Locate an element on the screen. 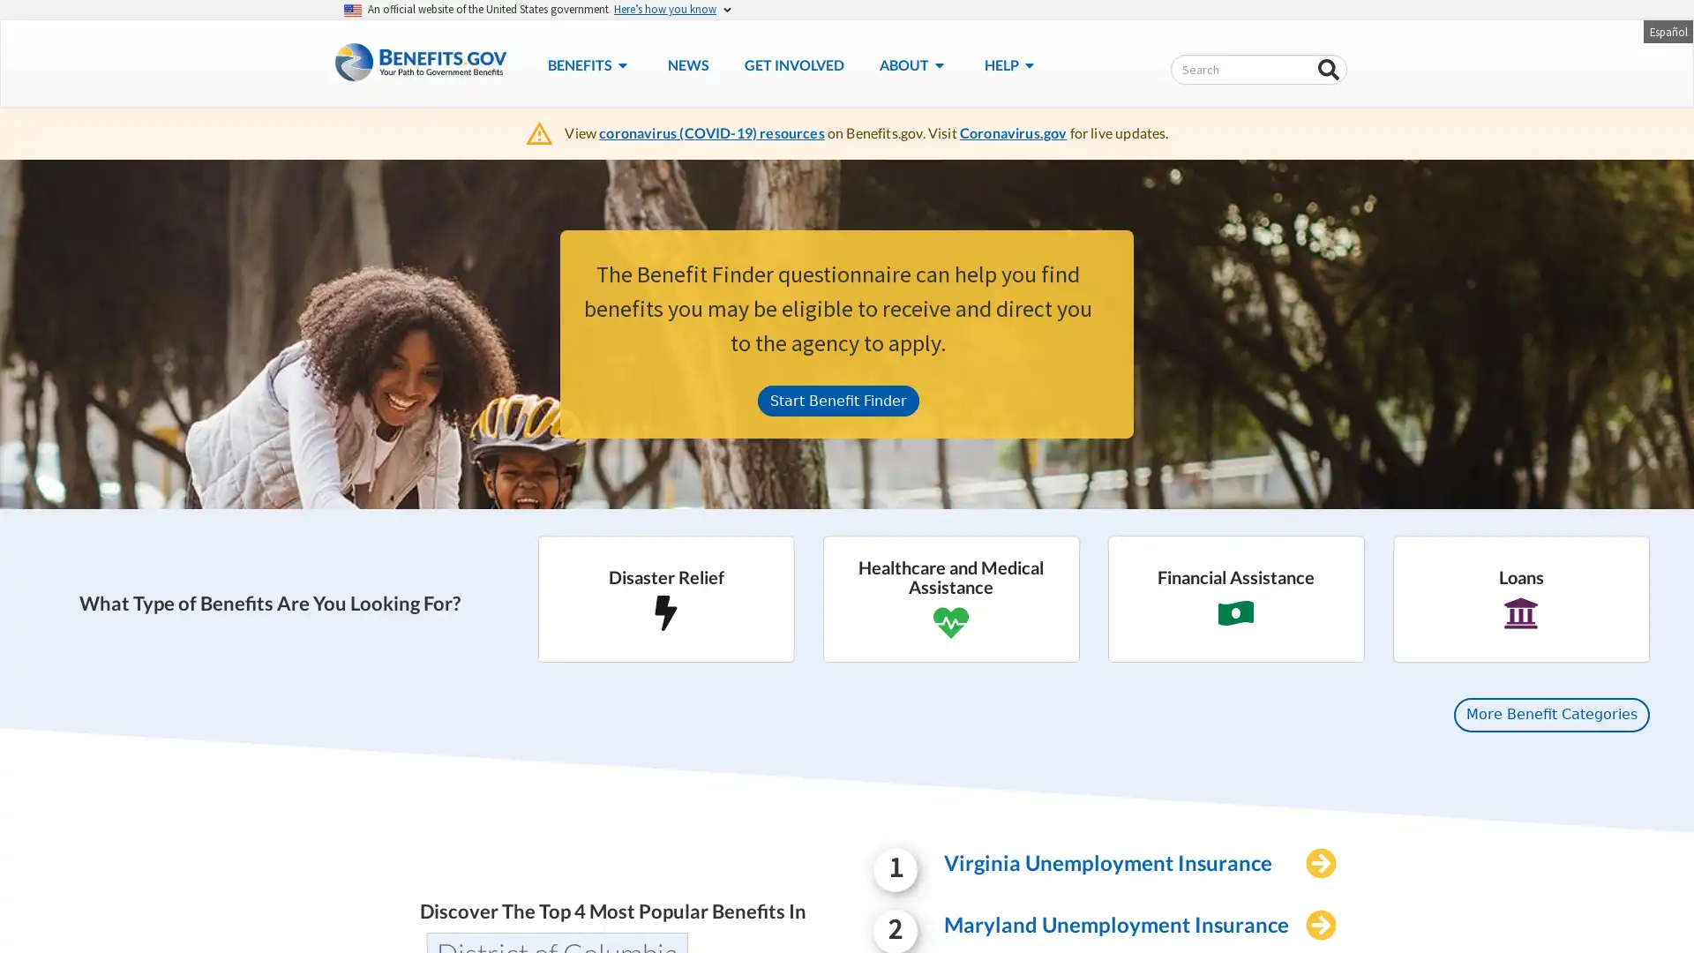 Image resolution: width=1694 pixels, height=953 pixels. GET INVOLVED is located at coordinates (792, 64).